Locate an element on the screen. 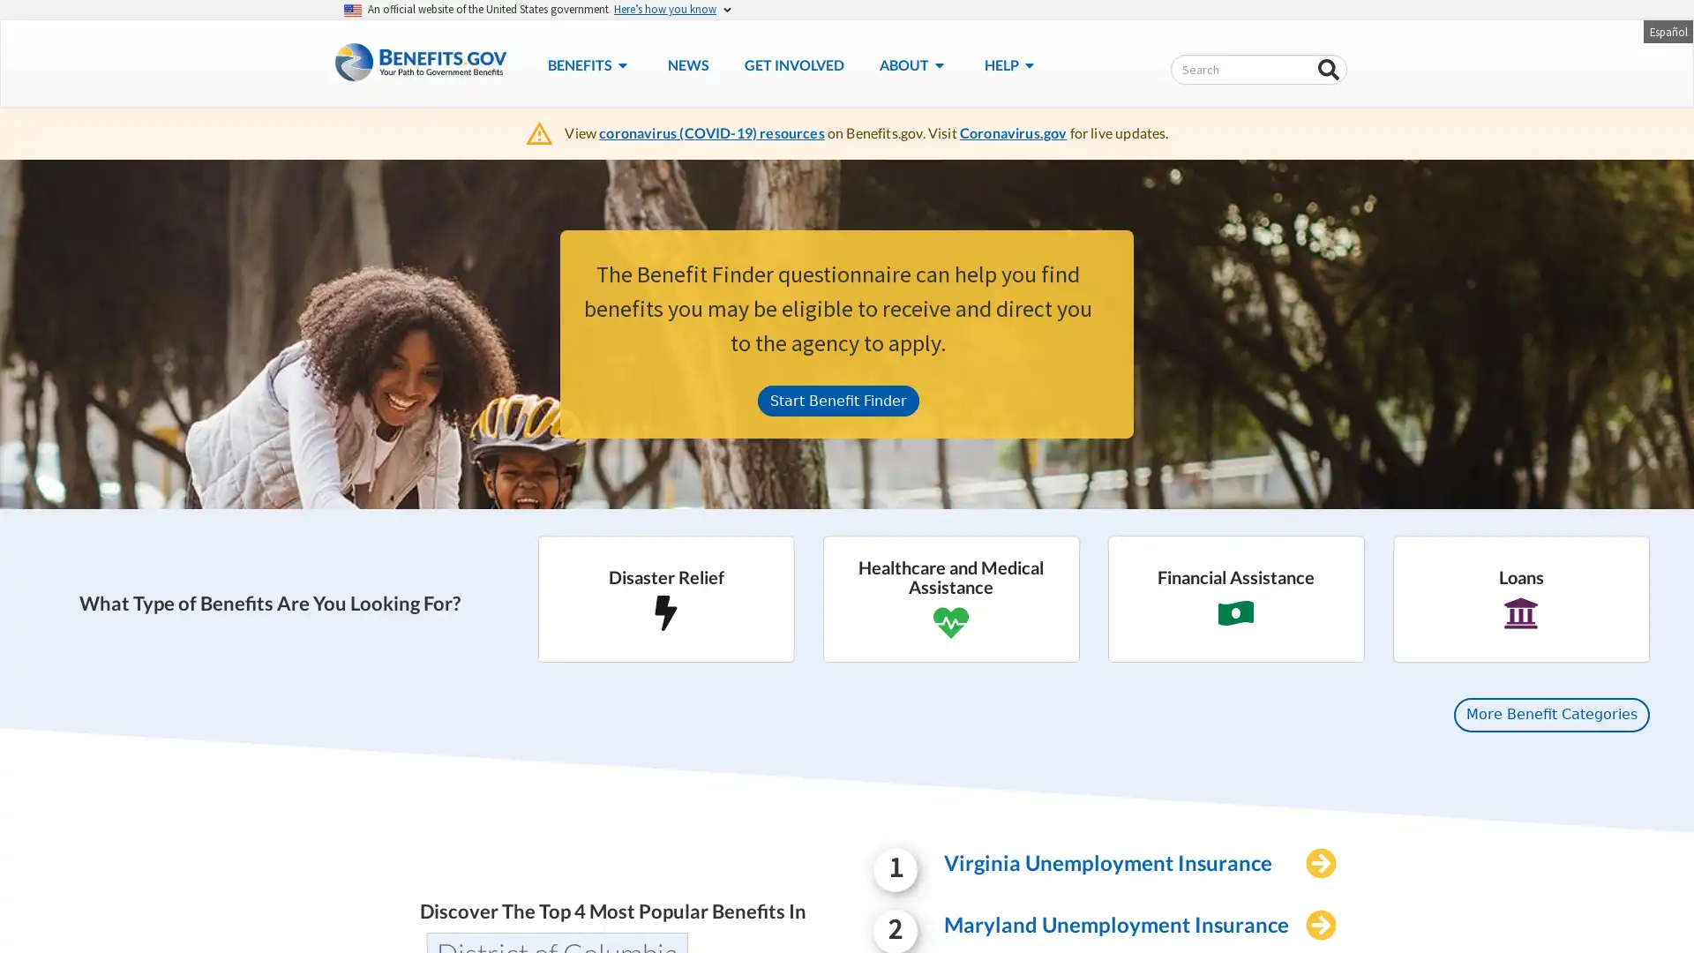 Image resolution: width=1694 pixels, height=953 pixels. GET INVOLVED is located at coordinates (792, 64).